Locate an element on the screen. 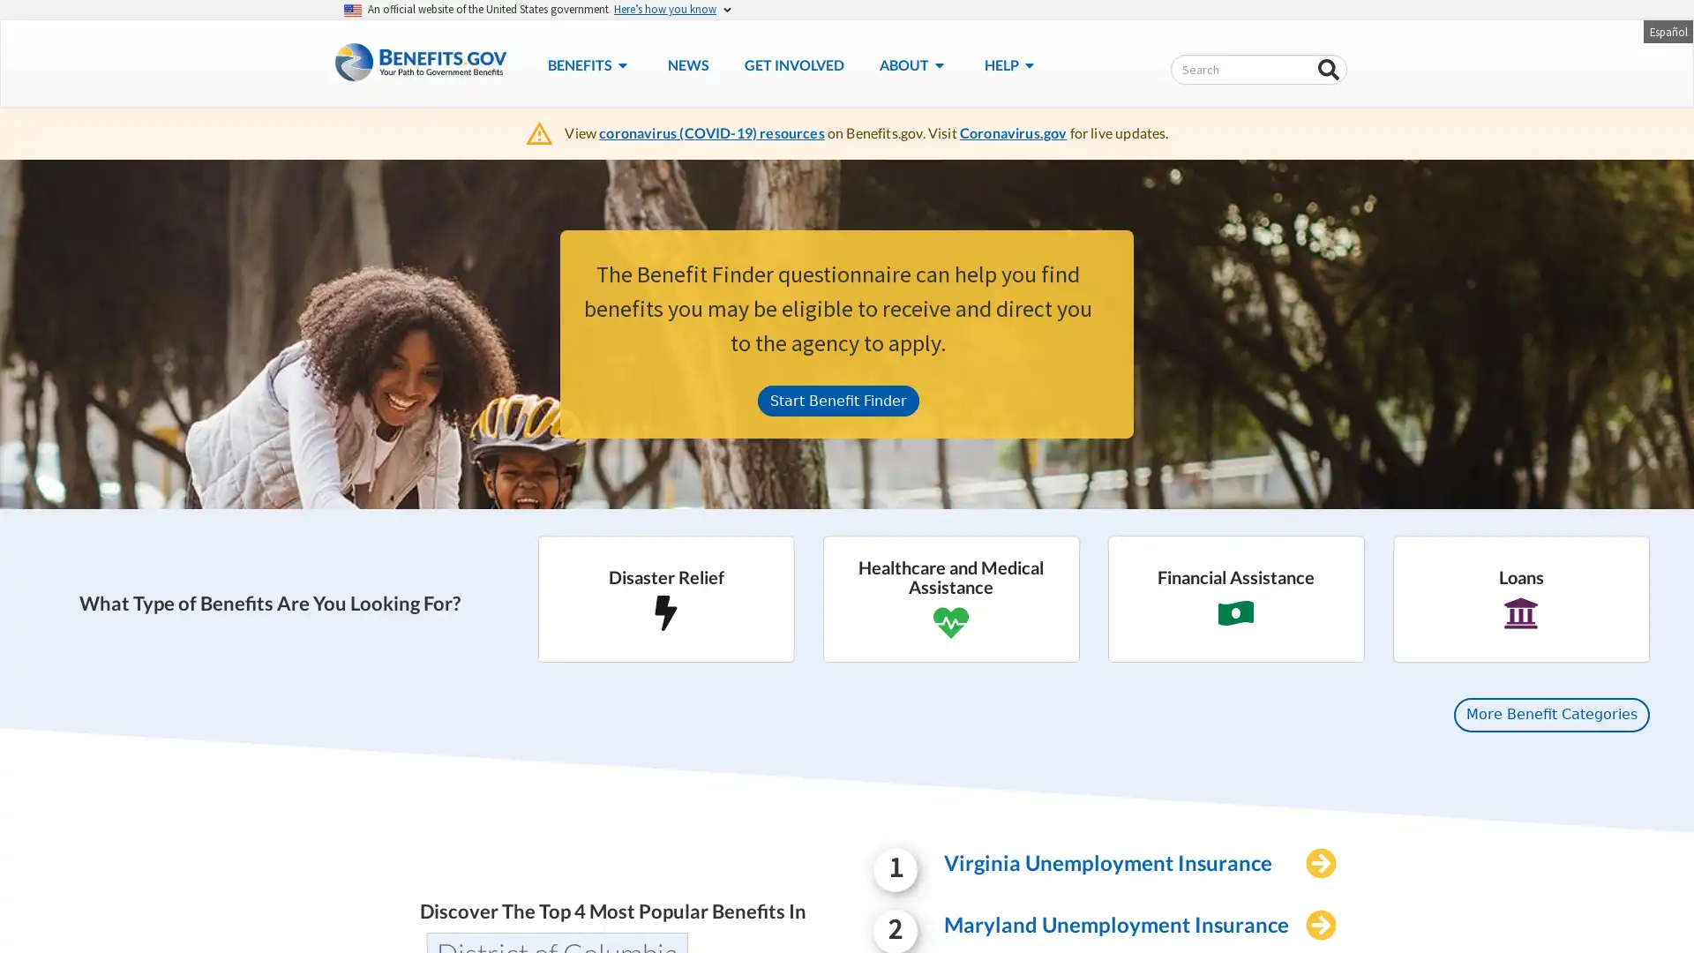 Image resolution: width=1694 pixels, height=953 pixels. GET INVOLVED is located at coordinates (792, 64).